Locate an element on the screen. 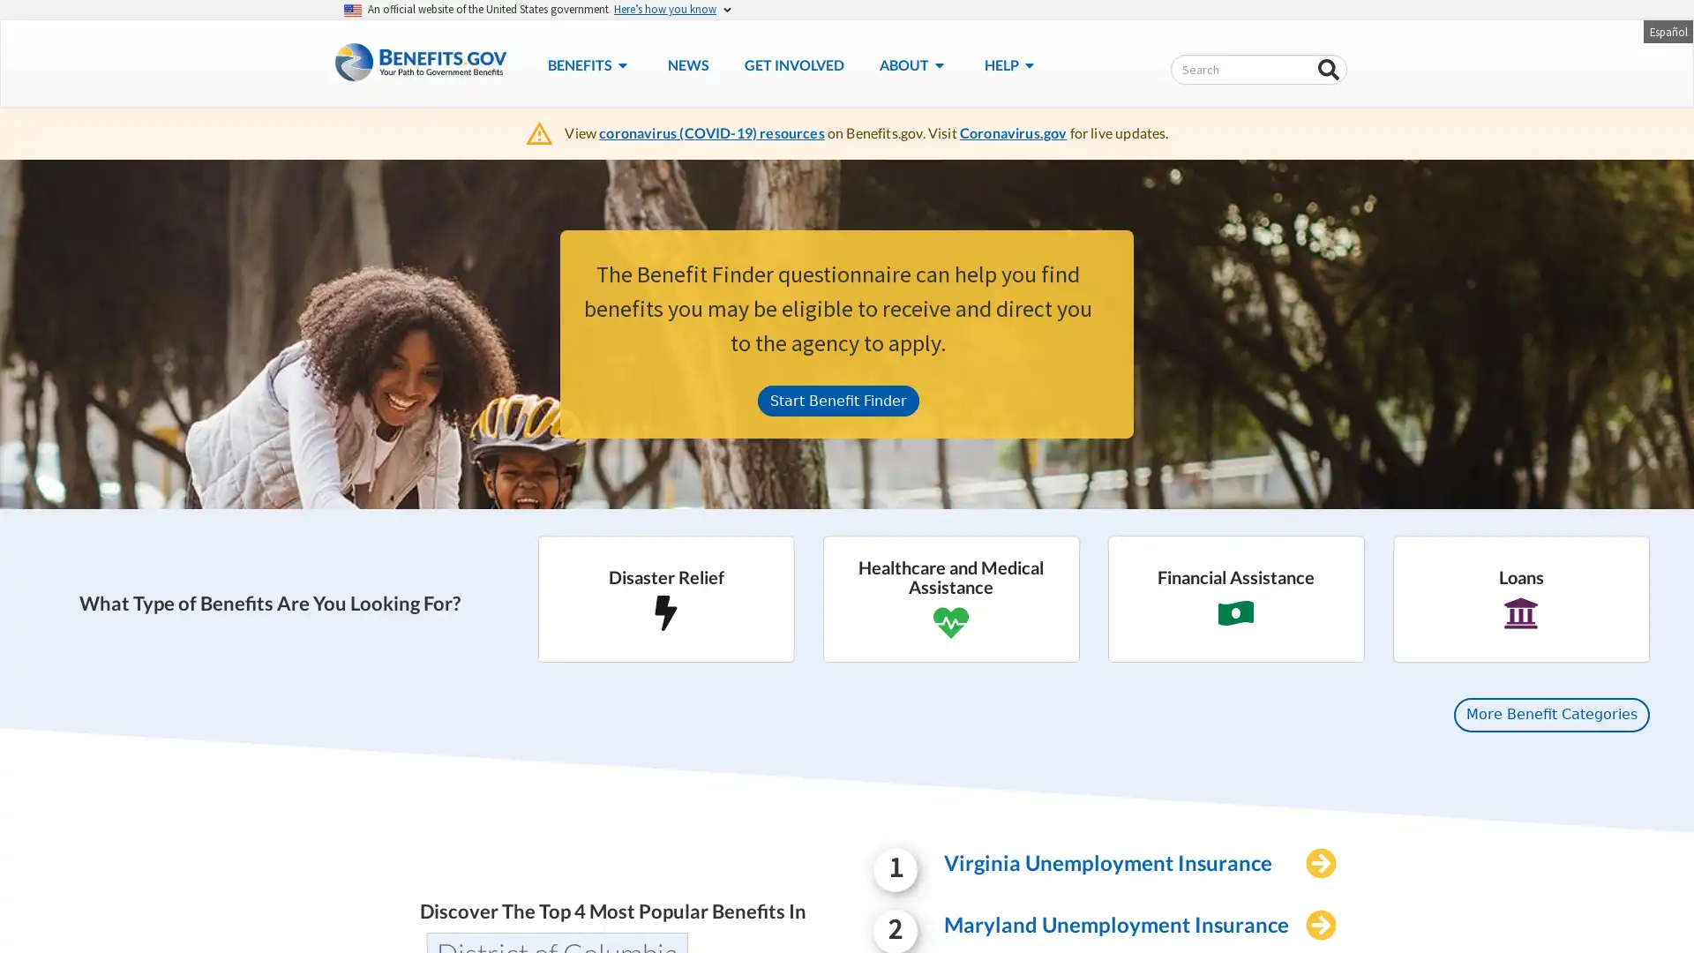 Image resolution: width=1694 pixels, height=953 pixels. GET INVOLVED is located at coordinates (792, 64).